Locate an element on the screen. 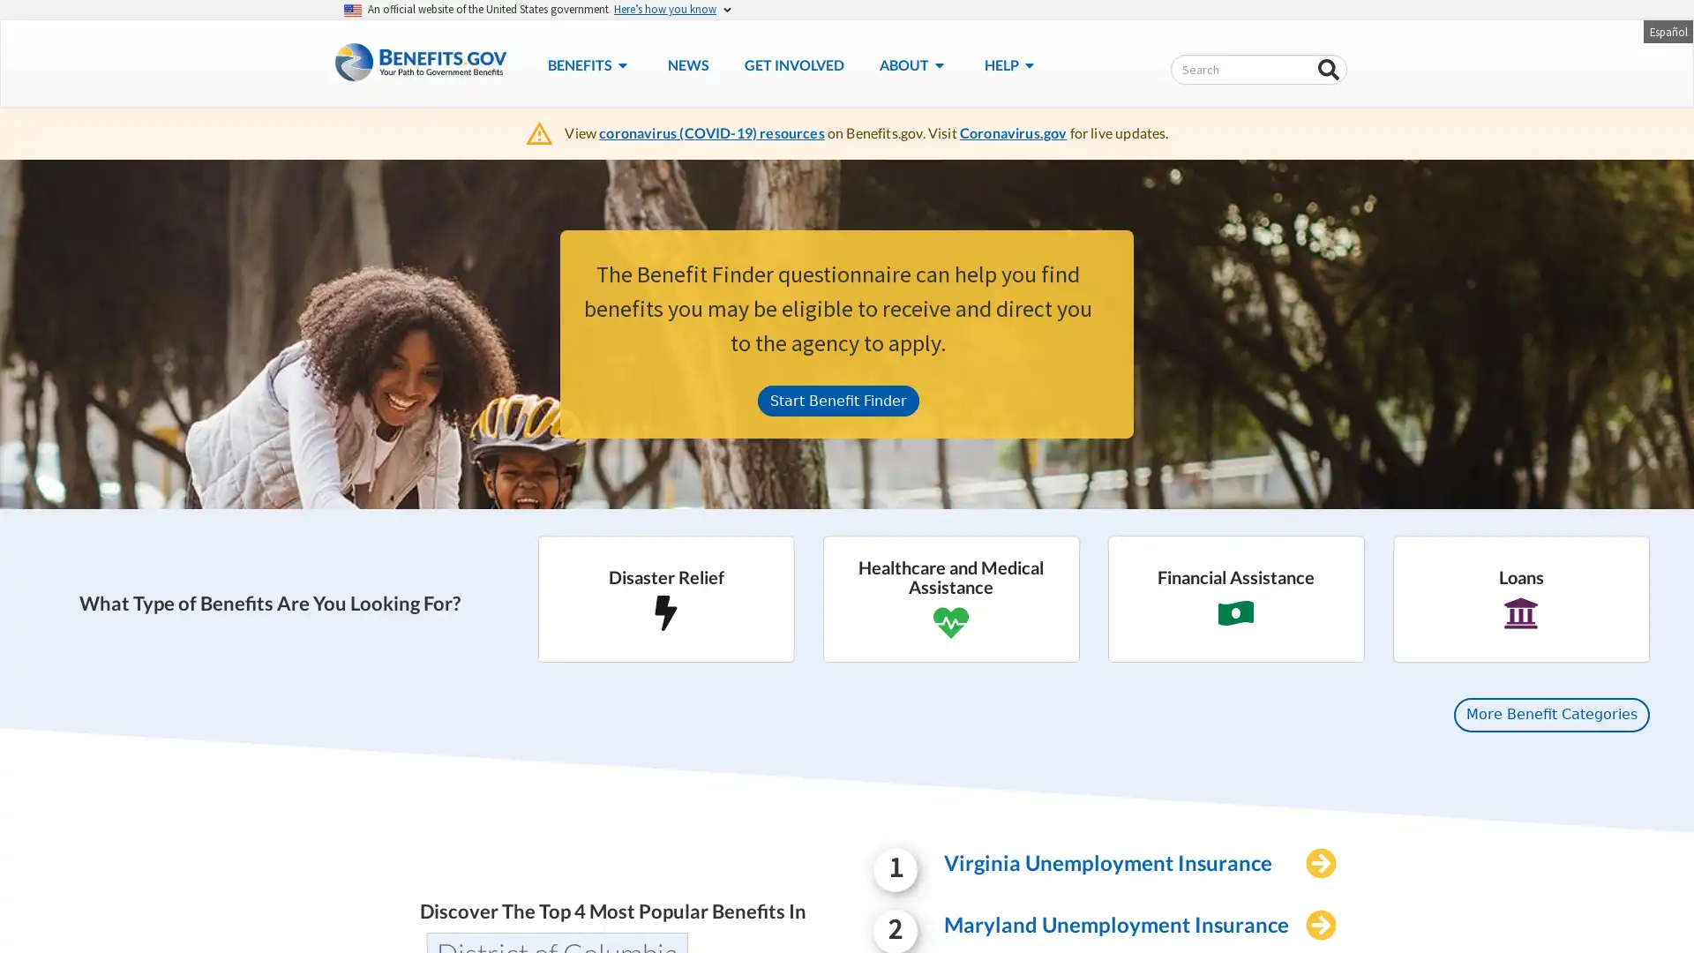 Image resolution: width=1694 pixels, height=953 pixels. GET INVOLVED is located at coordinates (792, 64).